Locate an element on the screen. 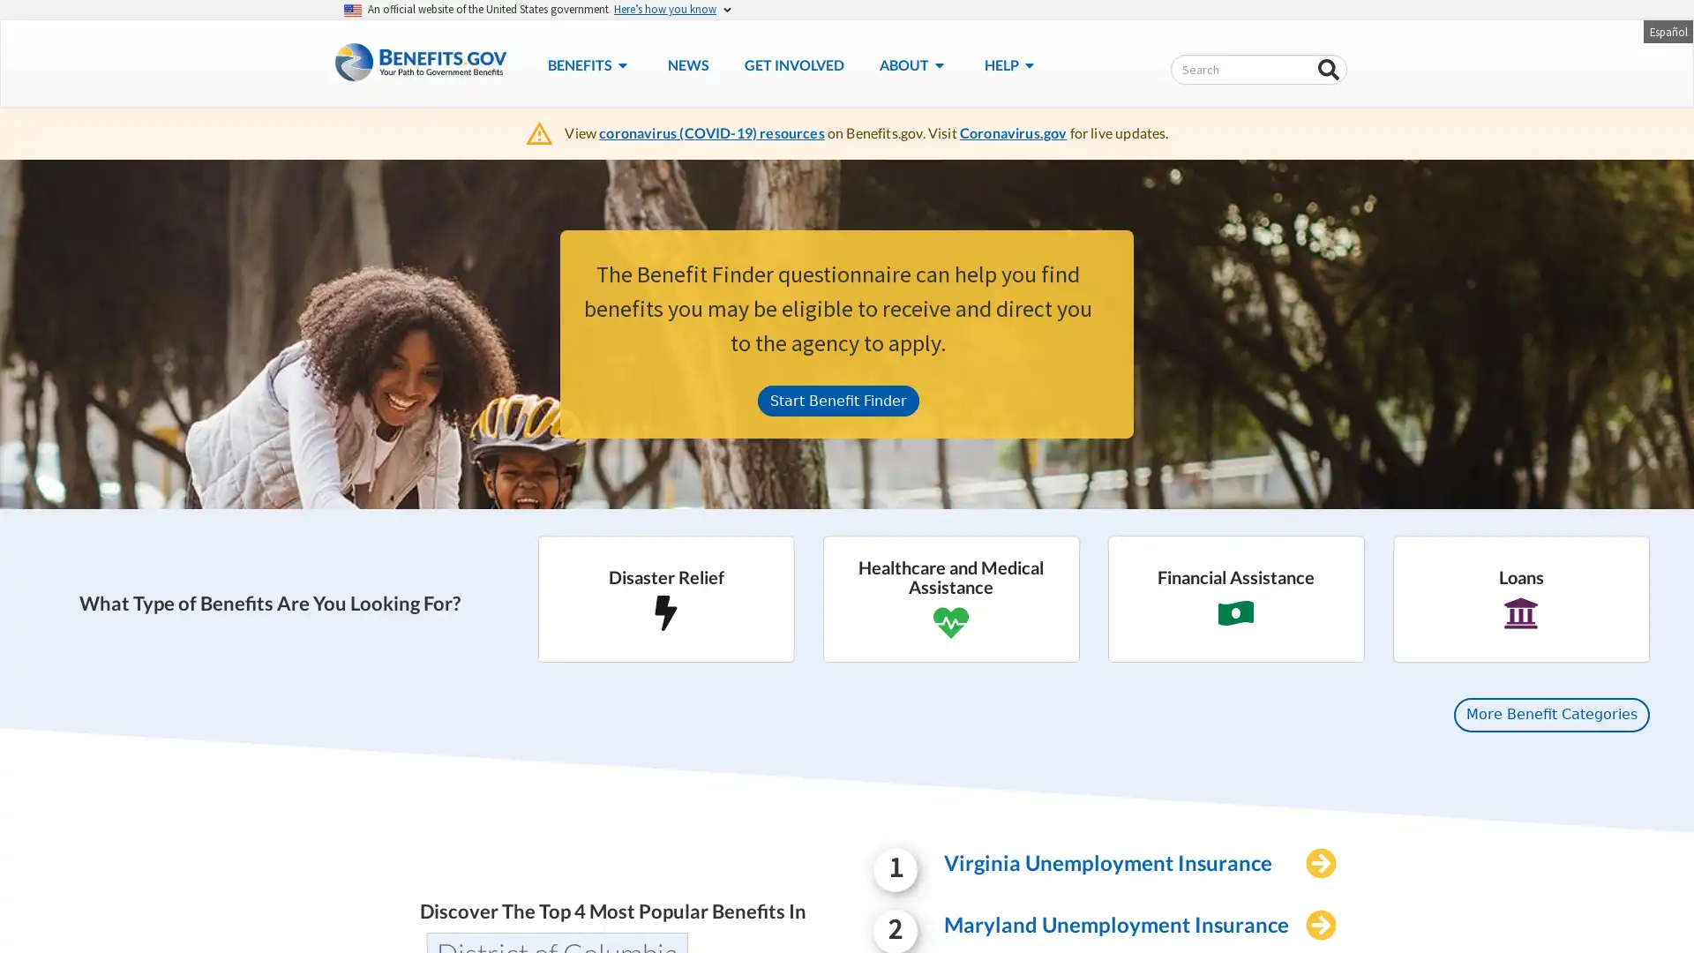 Image resolution: width=1694 pixels, height=953 pixels. GET INVOLVED is located at coordinates (792, 64).